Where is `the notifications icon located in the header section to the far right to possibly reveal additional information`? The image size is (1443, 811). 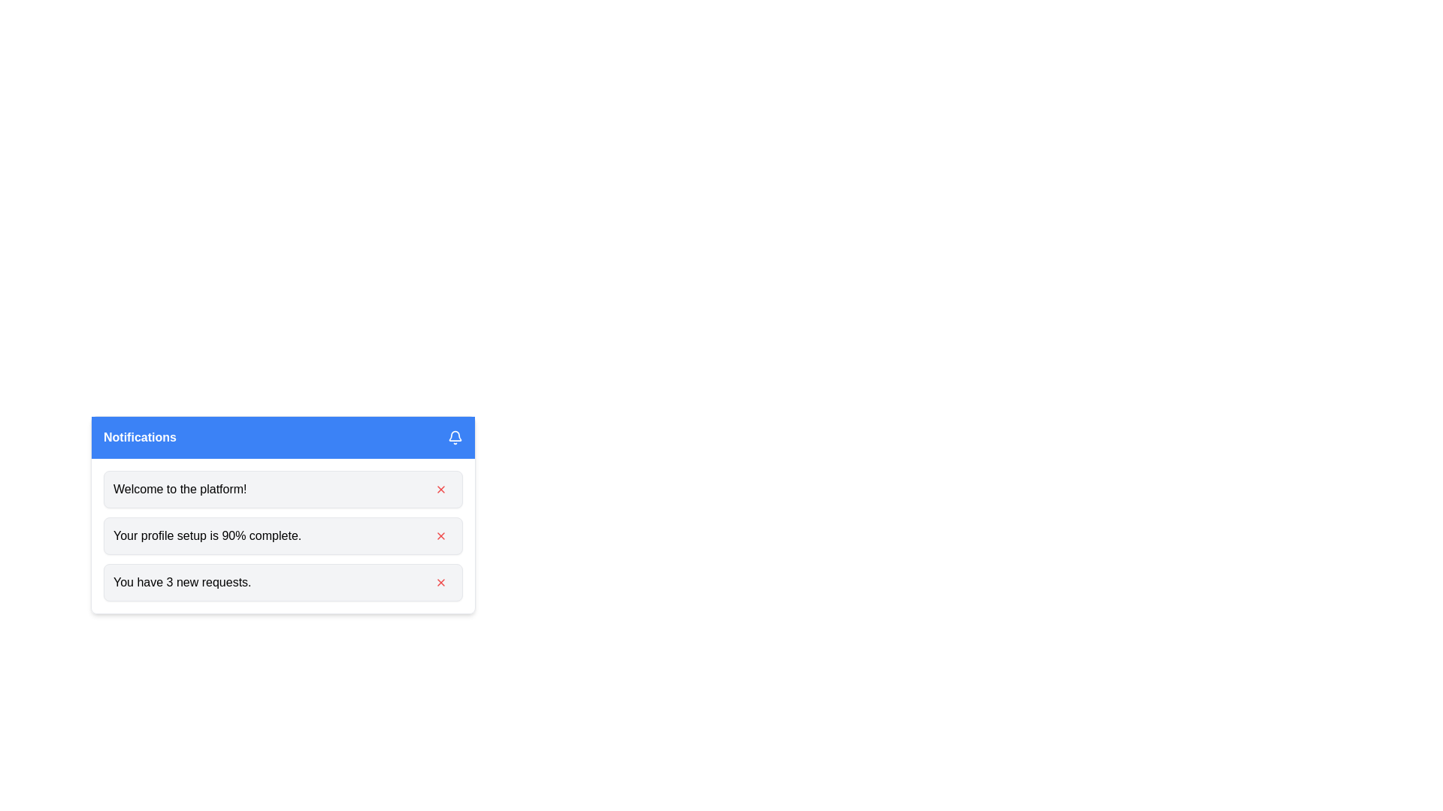 the notifications icon located in the header section to the far right to possibly reveal additional information is located at coordinates (454, 437).